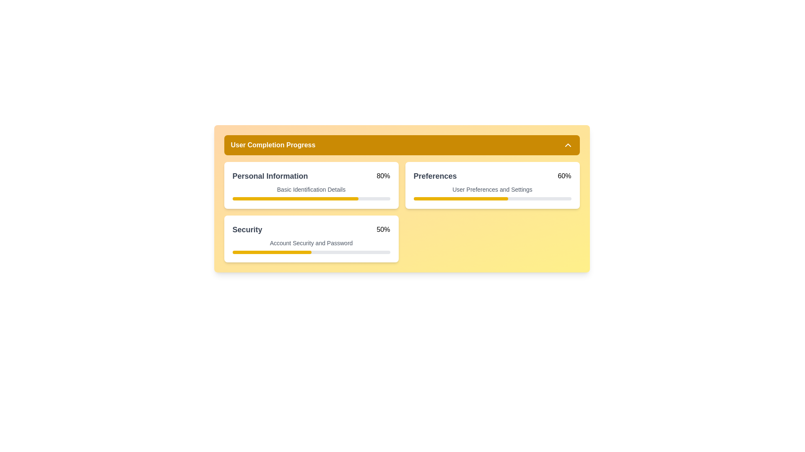 The image size is (805, 452). What do you see at coordinates (311, 189) in the screenshot?
I see `text label displaying 'Basic Identification Details' which is styled in a small, gray font and positioned below the 'Personal Information' heading` at bounding box center [311, 189].